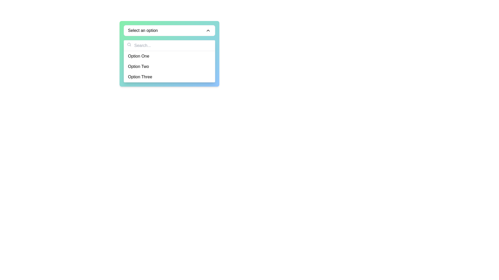 This screenshot has width=499, height=280. What do you see at coordinates (208, 31) in the screenshot?
I see `the upward-pointing chevron icon located at the rightmost end of the dropdown header labeled 'Select an option'` at bounding box center [208, 31].